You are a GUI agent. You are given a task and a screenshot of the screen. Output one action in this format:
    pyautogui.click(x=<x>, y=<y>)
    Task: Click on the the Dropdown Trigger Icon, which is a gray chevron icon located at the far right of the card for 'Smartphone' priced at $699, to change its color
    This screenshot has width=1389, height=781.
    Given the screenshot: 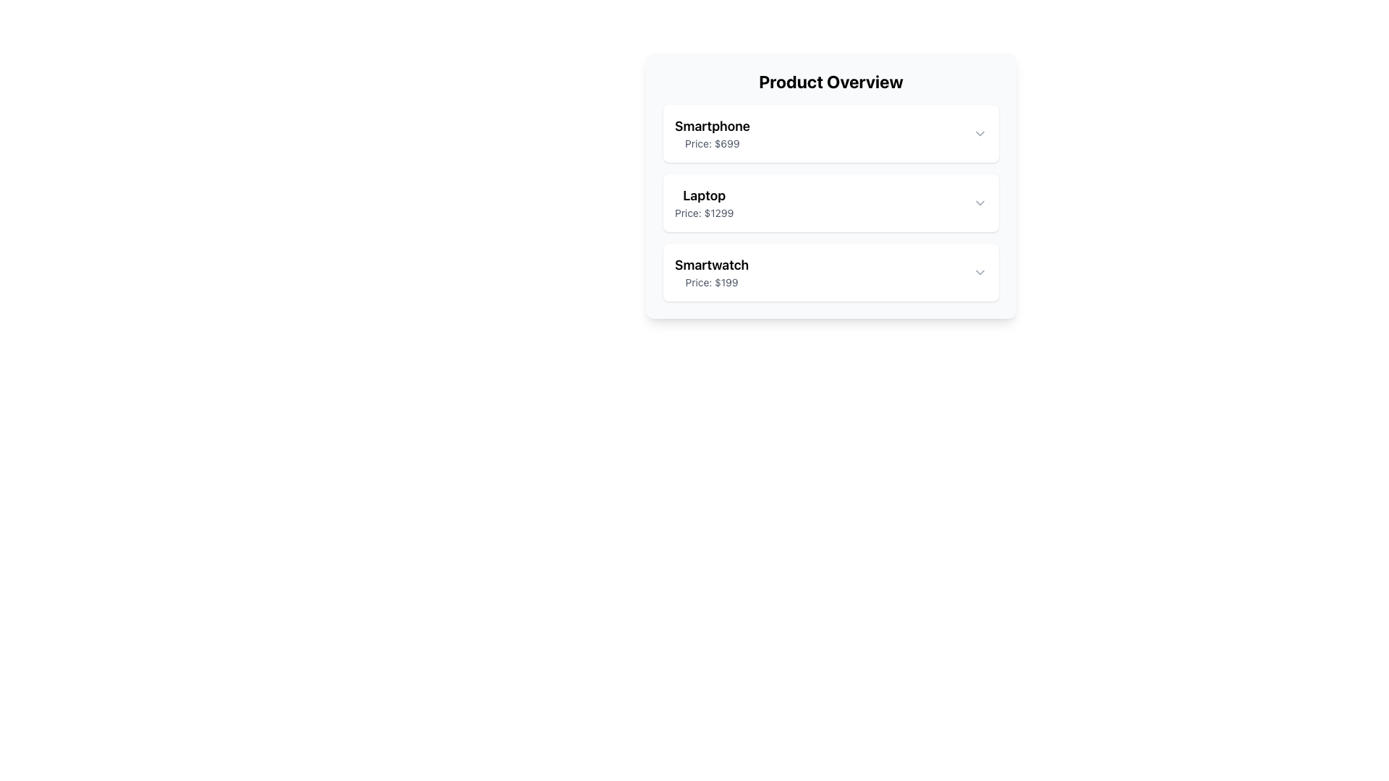 What is the action you would take?
    pyautogui.click(x=980, y=134)
    